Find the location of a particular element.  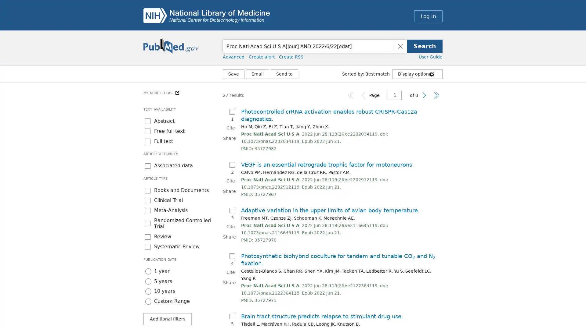

Clear search input is located at coordinates (400, 46).